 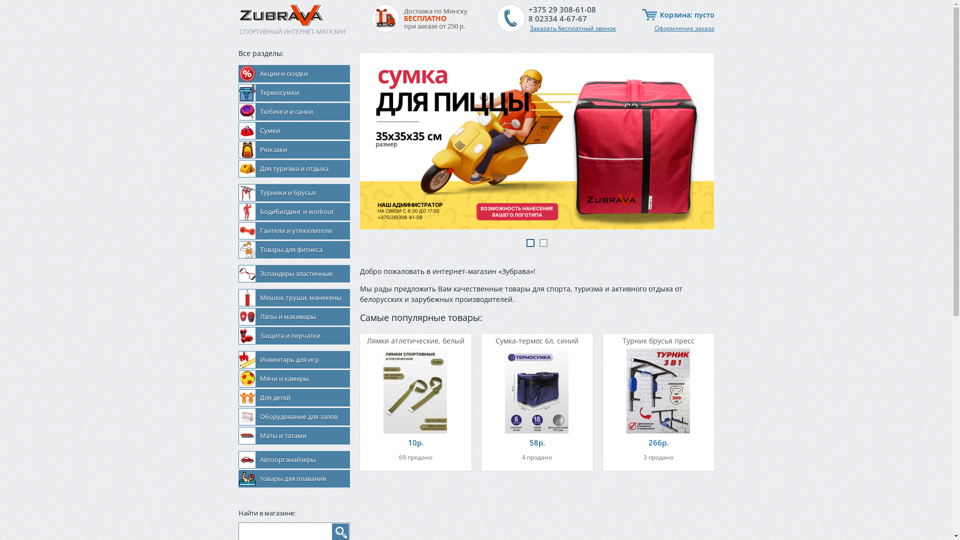 What do you see at coordinates (527, 18) in the screenshot?
I see `'8 02334 4-67-67'` at bounding box center [527, 18].